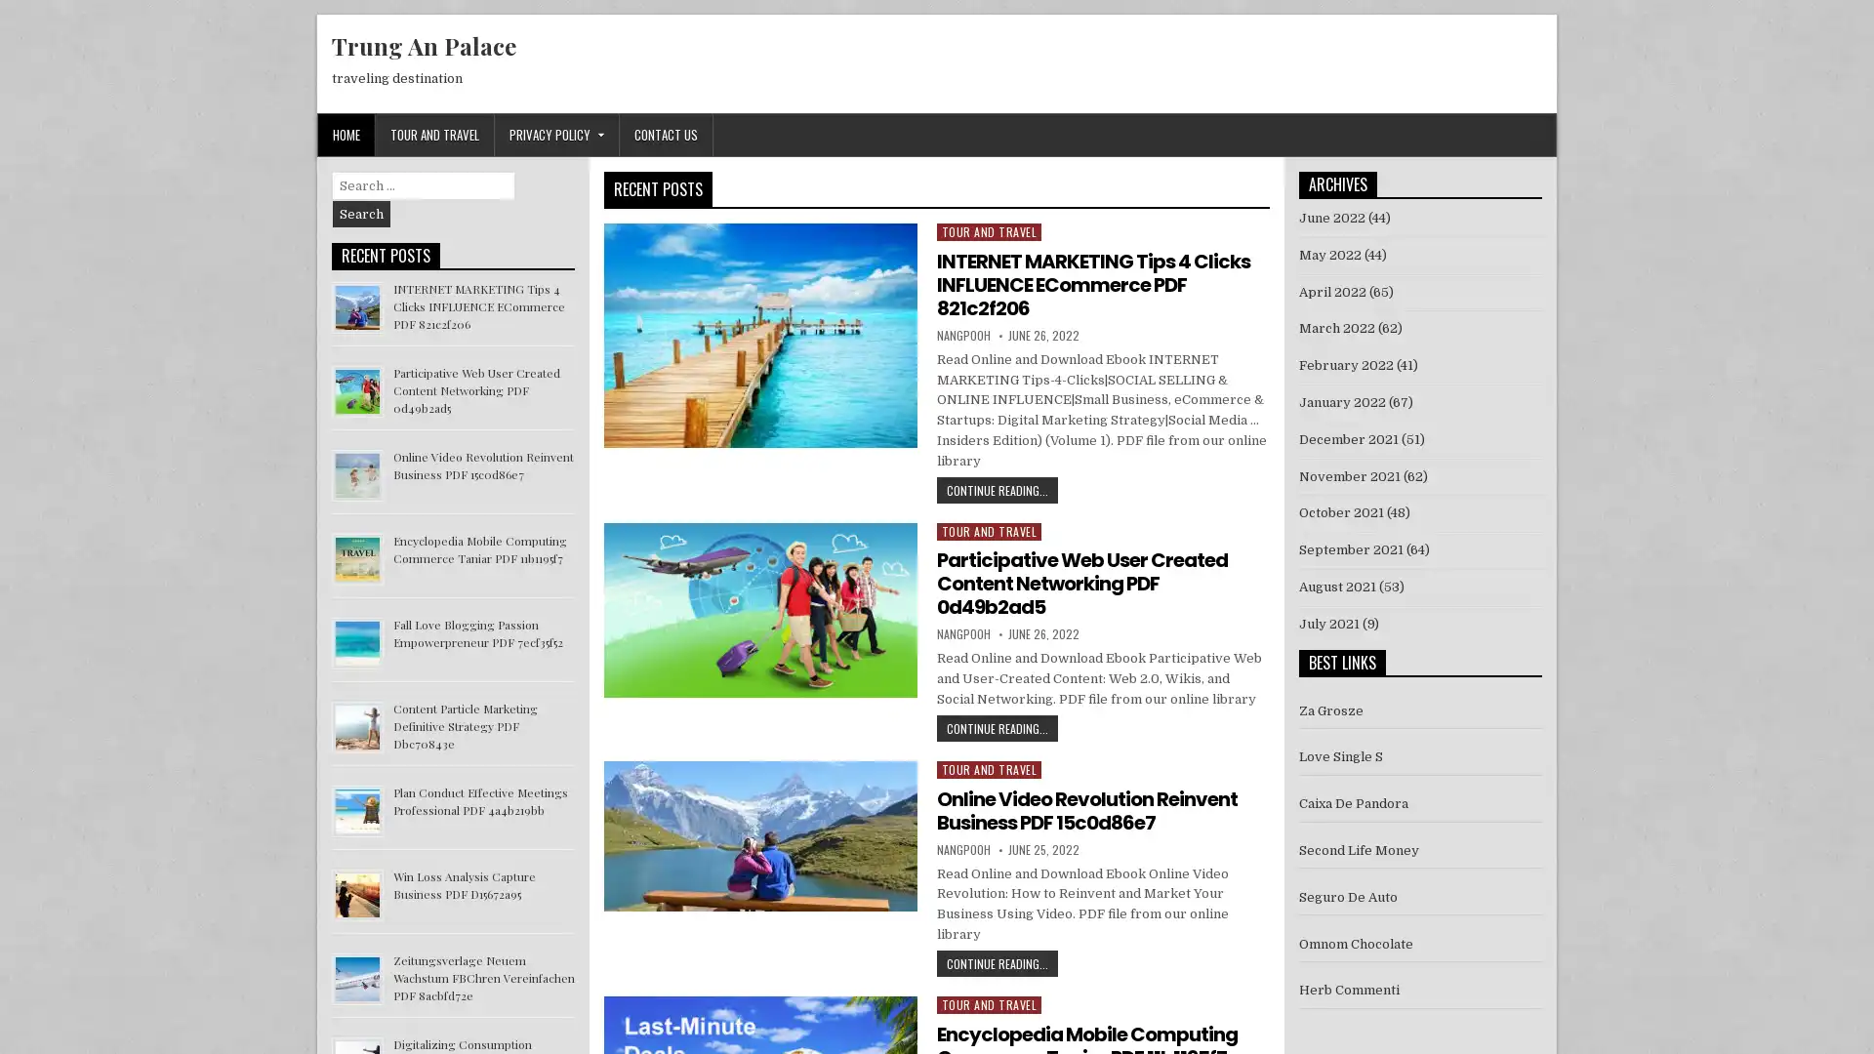 The width and height of the screenshot is (1874, 1054). Describe the element at coordinates (361, 214) in the screenshot. I see `Search` at that location.